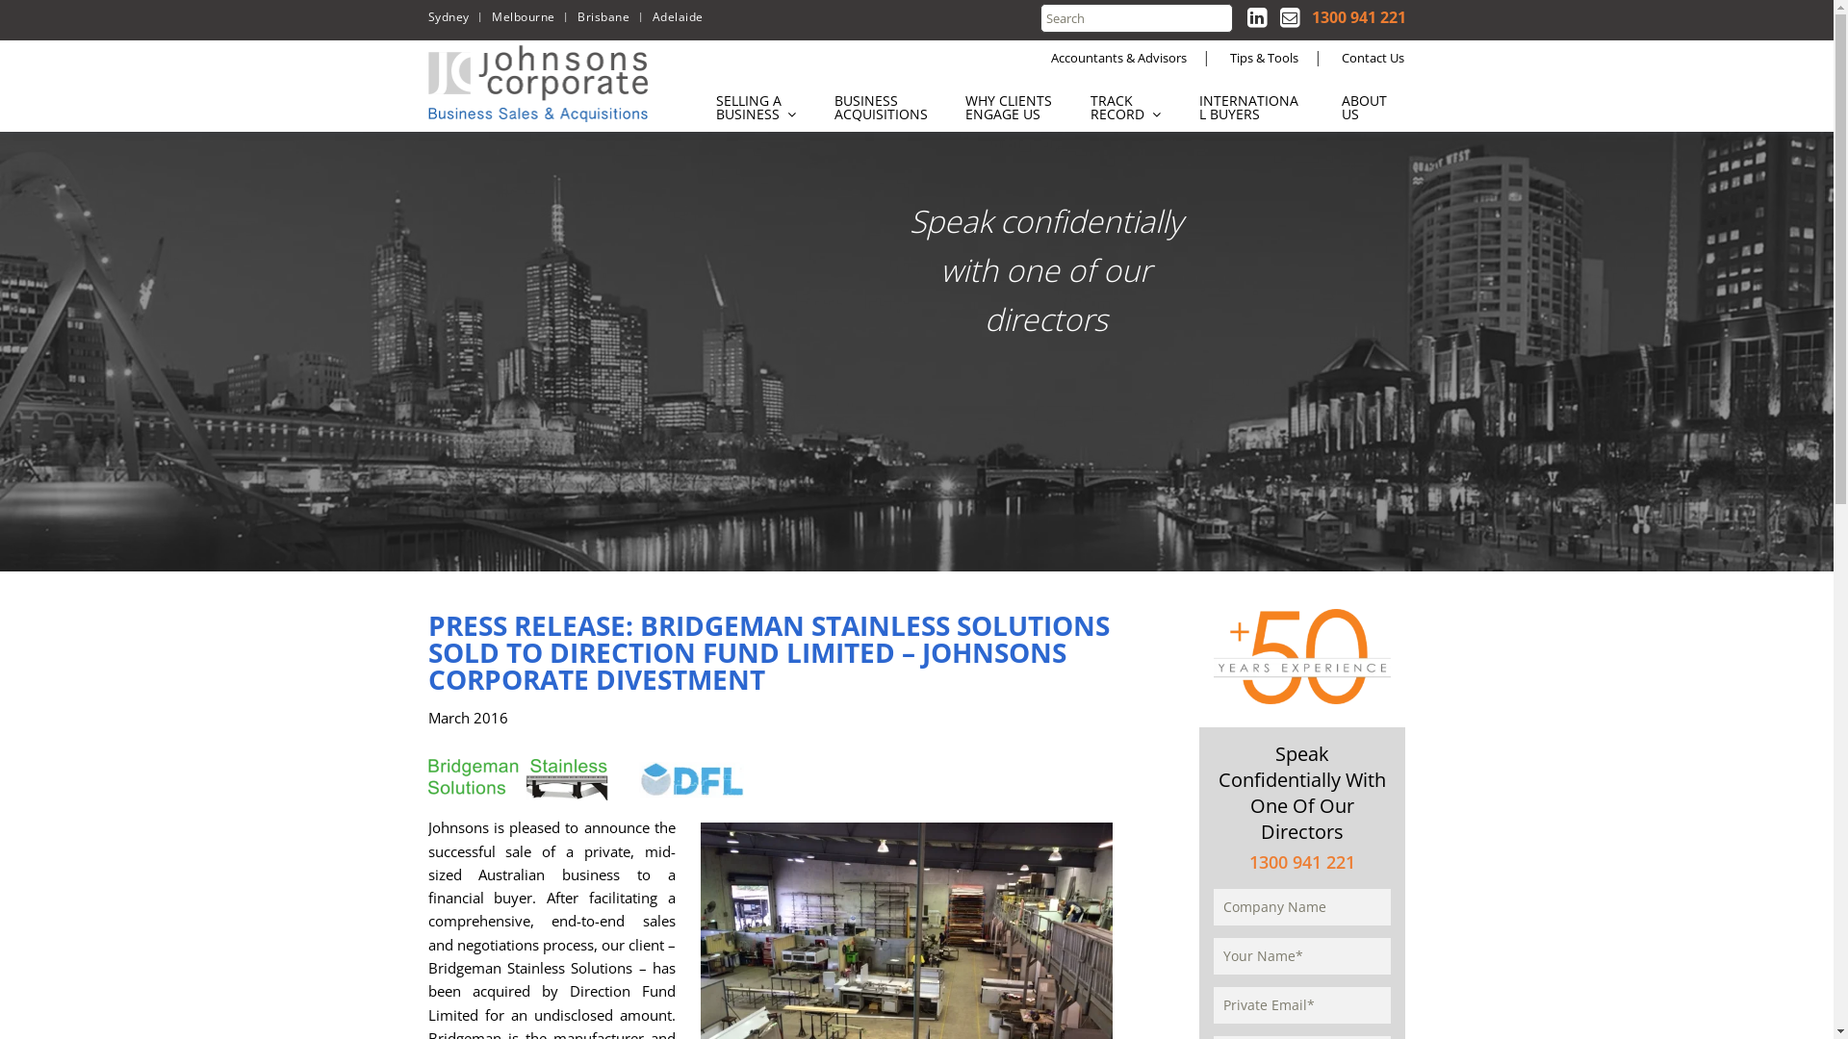 Image resolution: width=1848 pixels, height=1039 pixels. Describe the element at coordinates (1373, 107) in the screenshot. I see `'ABOUT` at that location.